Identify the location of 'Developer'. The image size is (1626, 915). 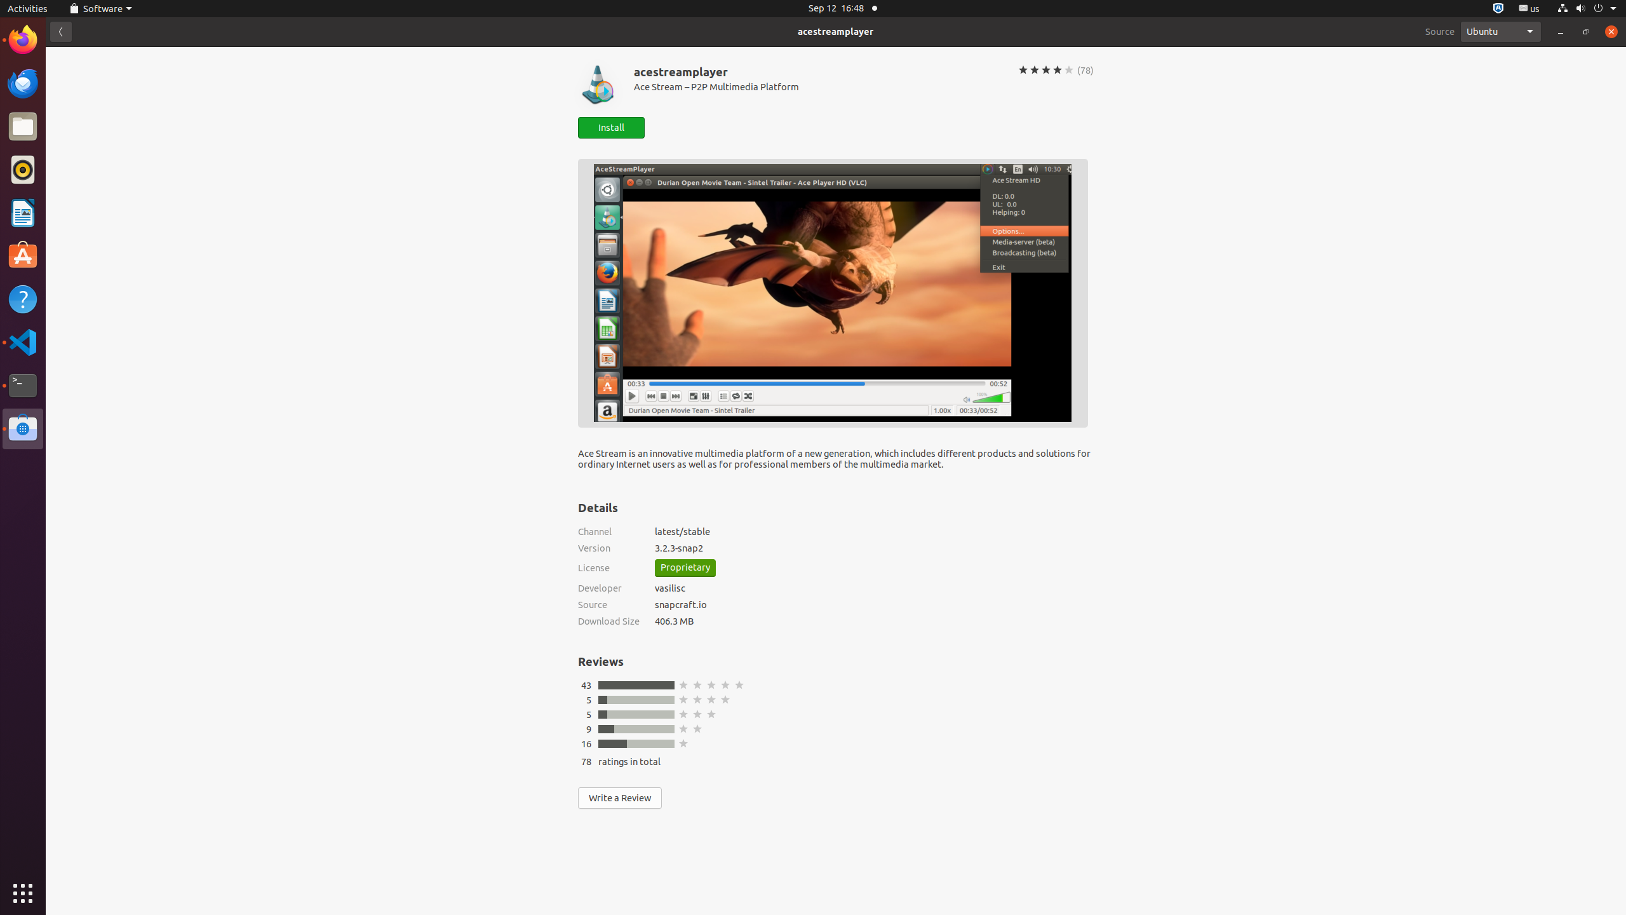
(608, 587).